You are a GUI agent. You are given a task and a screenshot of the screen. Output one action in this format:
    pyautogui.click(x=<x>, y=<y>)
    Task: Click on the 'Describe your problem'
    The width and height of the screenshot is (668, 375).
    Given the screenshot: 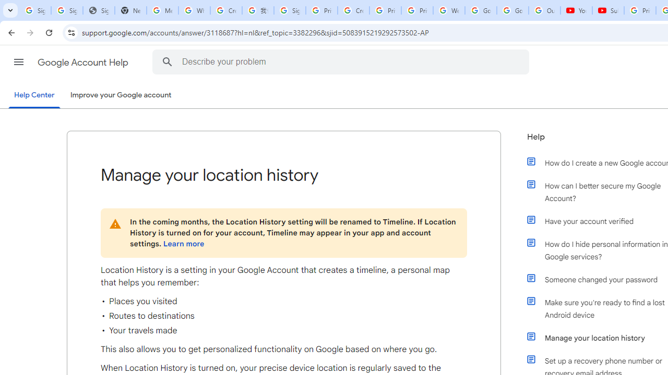 What is the action you would take?
    pyautogui.click(x=342, y=61)
    